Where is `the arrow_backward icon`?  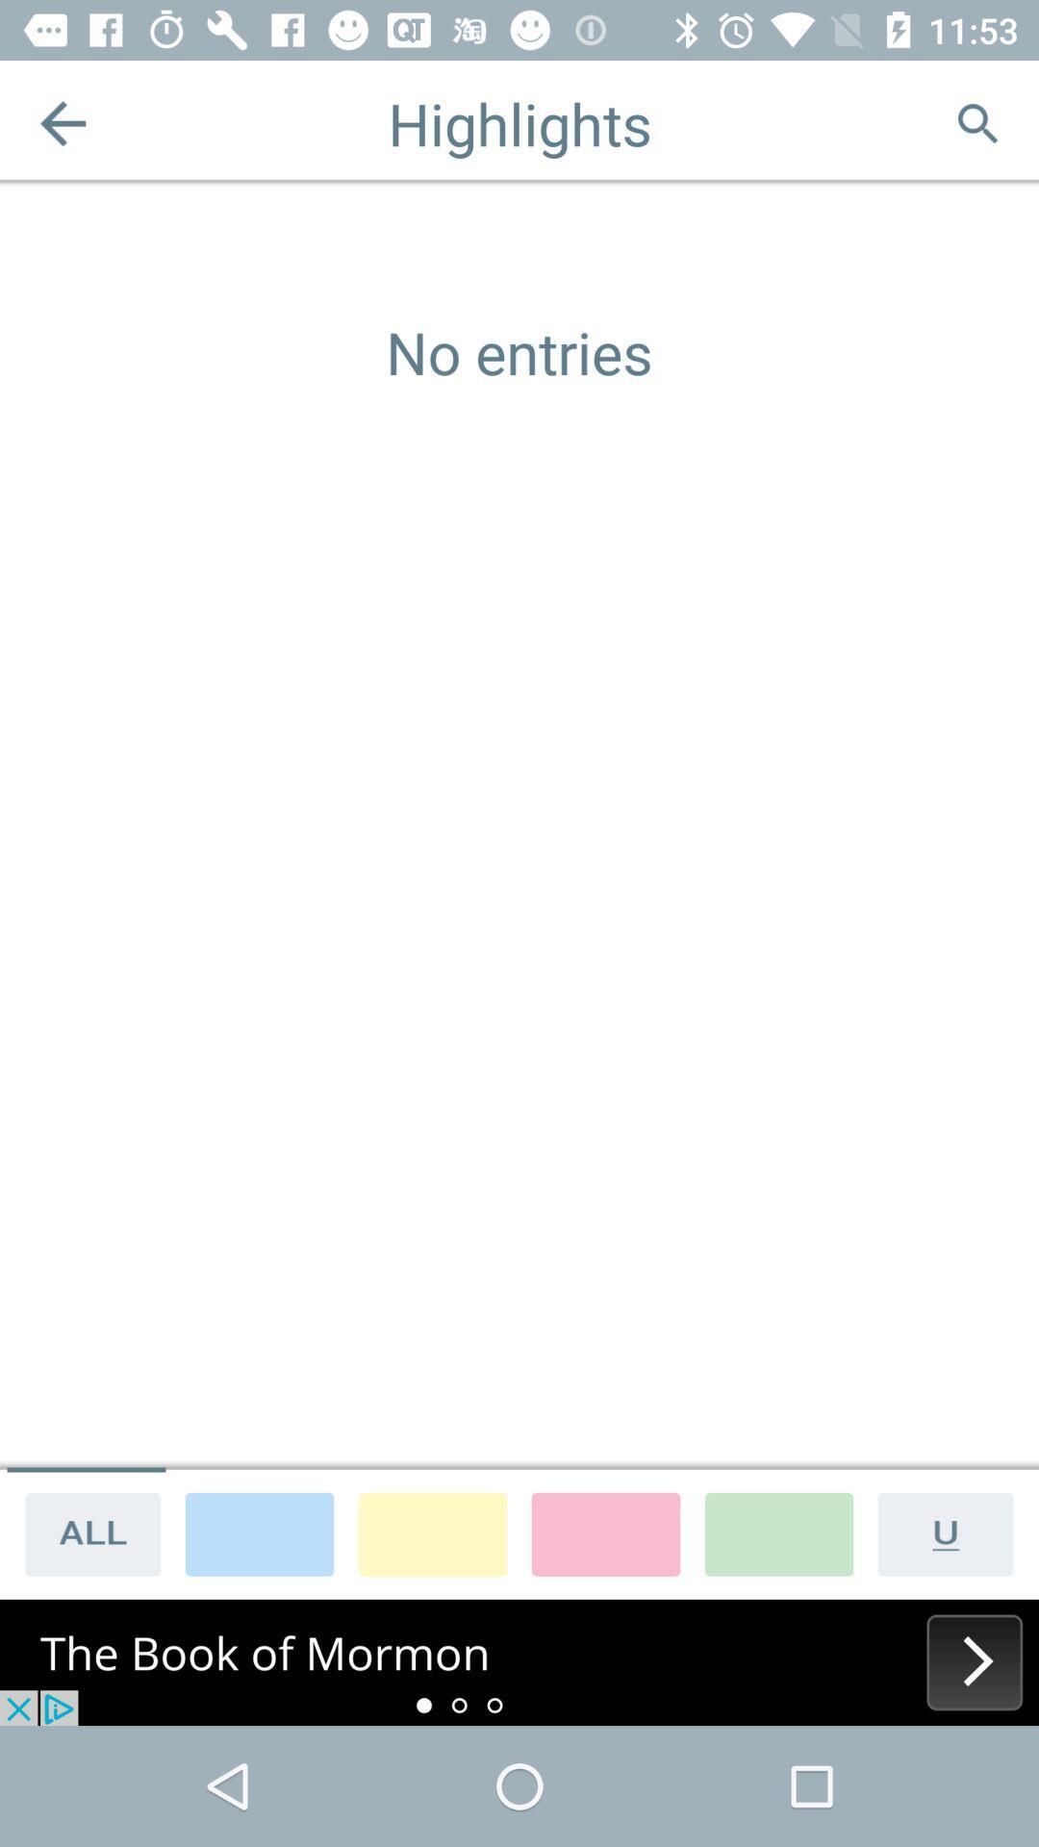 the arrow_backward icon is located at coordinates (62, 122).